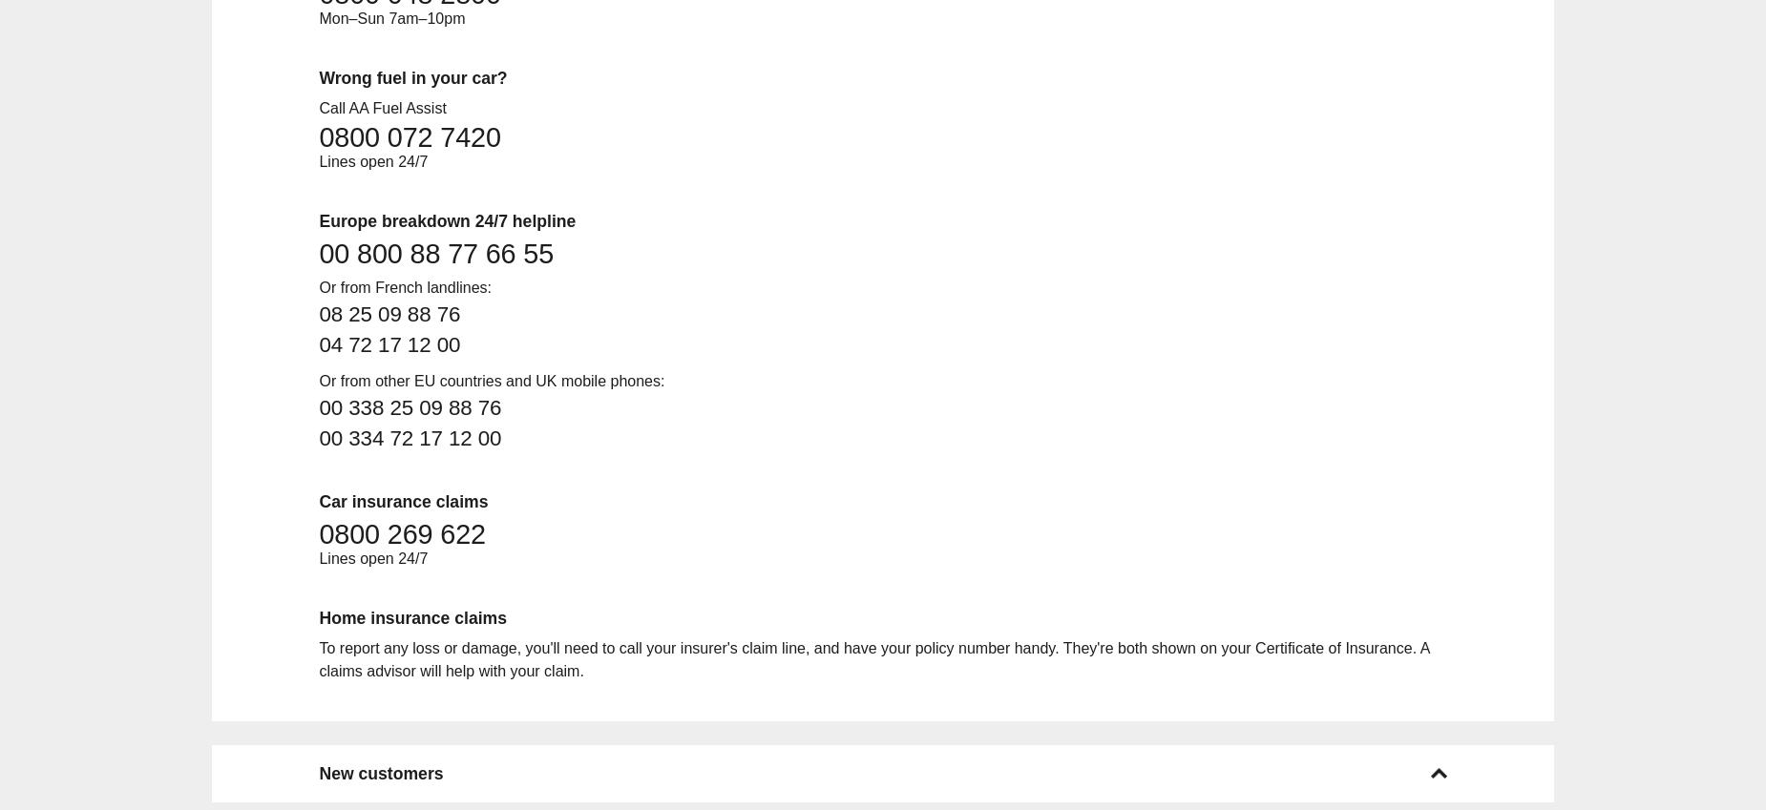 This screenshot has width=1766, height=810. What do you see at coordinates (492, 379) in the screenshot?
I see `'Or from other EU countries and UK mobile phones:'` at bounding box center [492, 379].